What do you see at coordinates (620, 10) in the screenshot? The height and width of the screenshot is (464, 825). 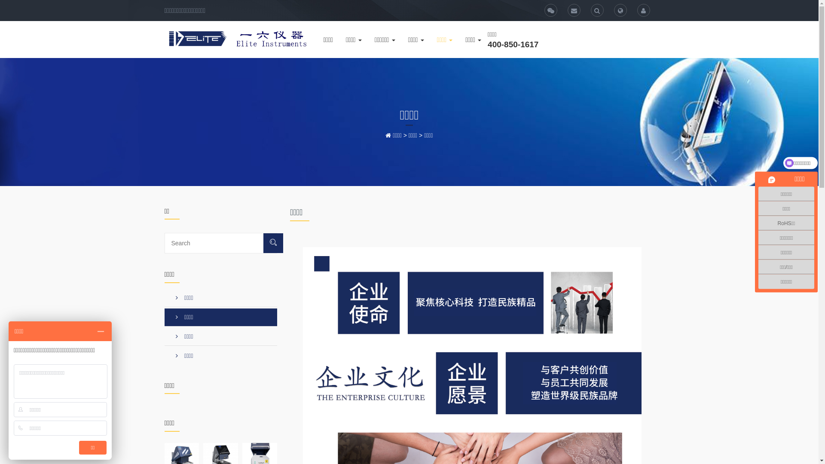 I see `'Toggle Search'` at bounding box center [620, 10].